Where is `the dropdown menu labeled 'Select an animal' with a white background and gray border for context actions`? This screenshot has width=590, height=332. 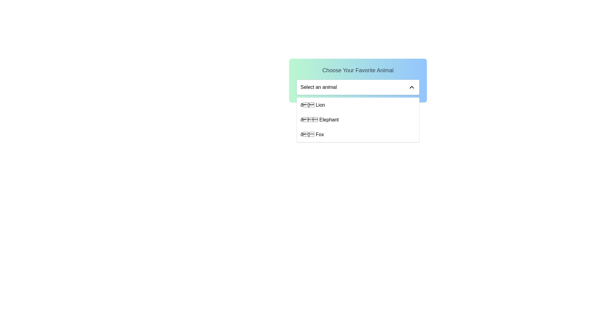
the dropdown menu labeled 'Select an animal' with a white background and gray border for context actions is located at coordinates (358, 87).